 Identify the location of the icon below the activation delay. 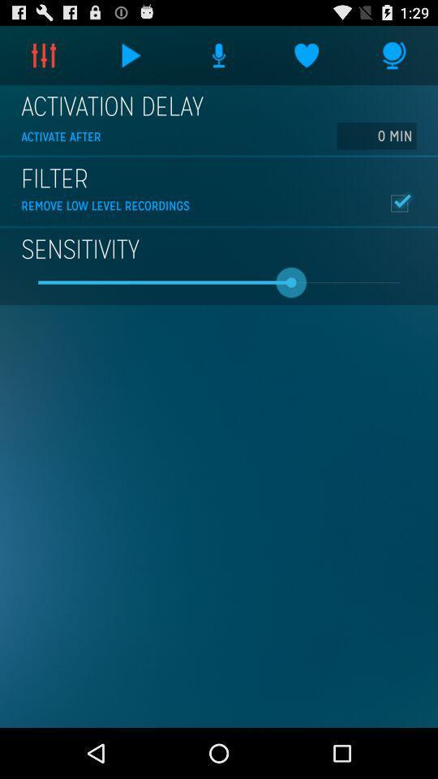
(376, 135).